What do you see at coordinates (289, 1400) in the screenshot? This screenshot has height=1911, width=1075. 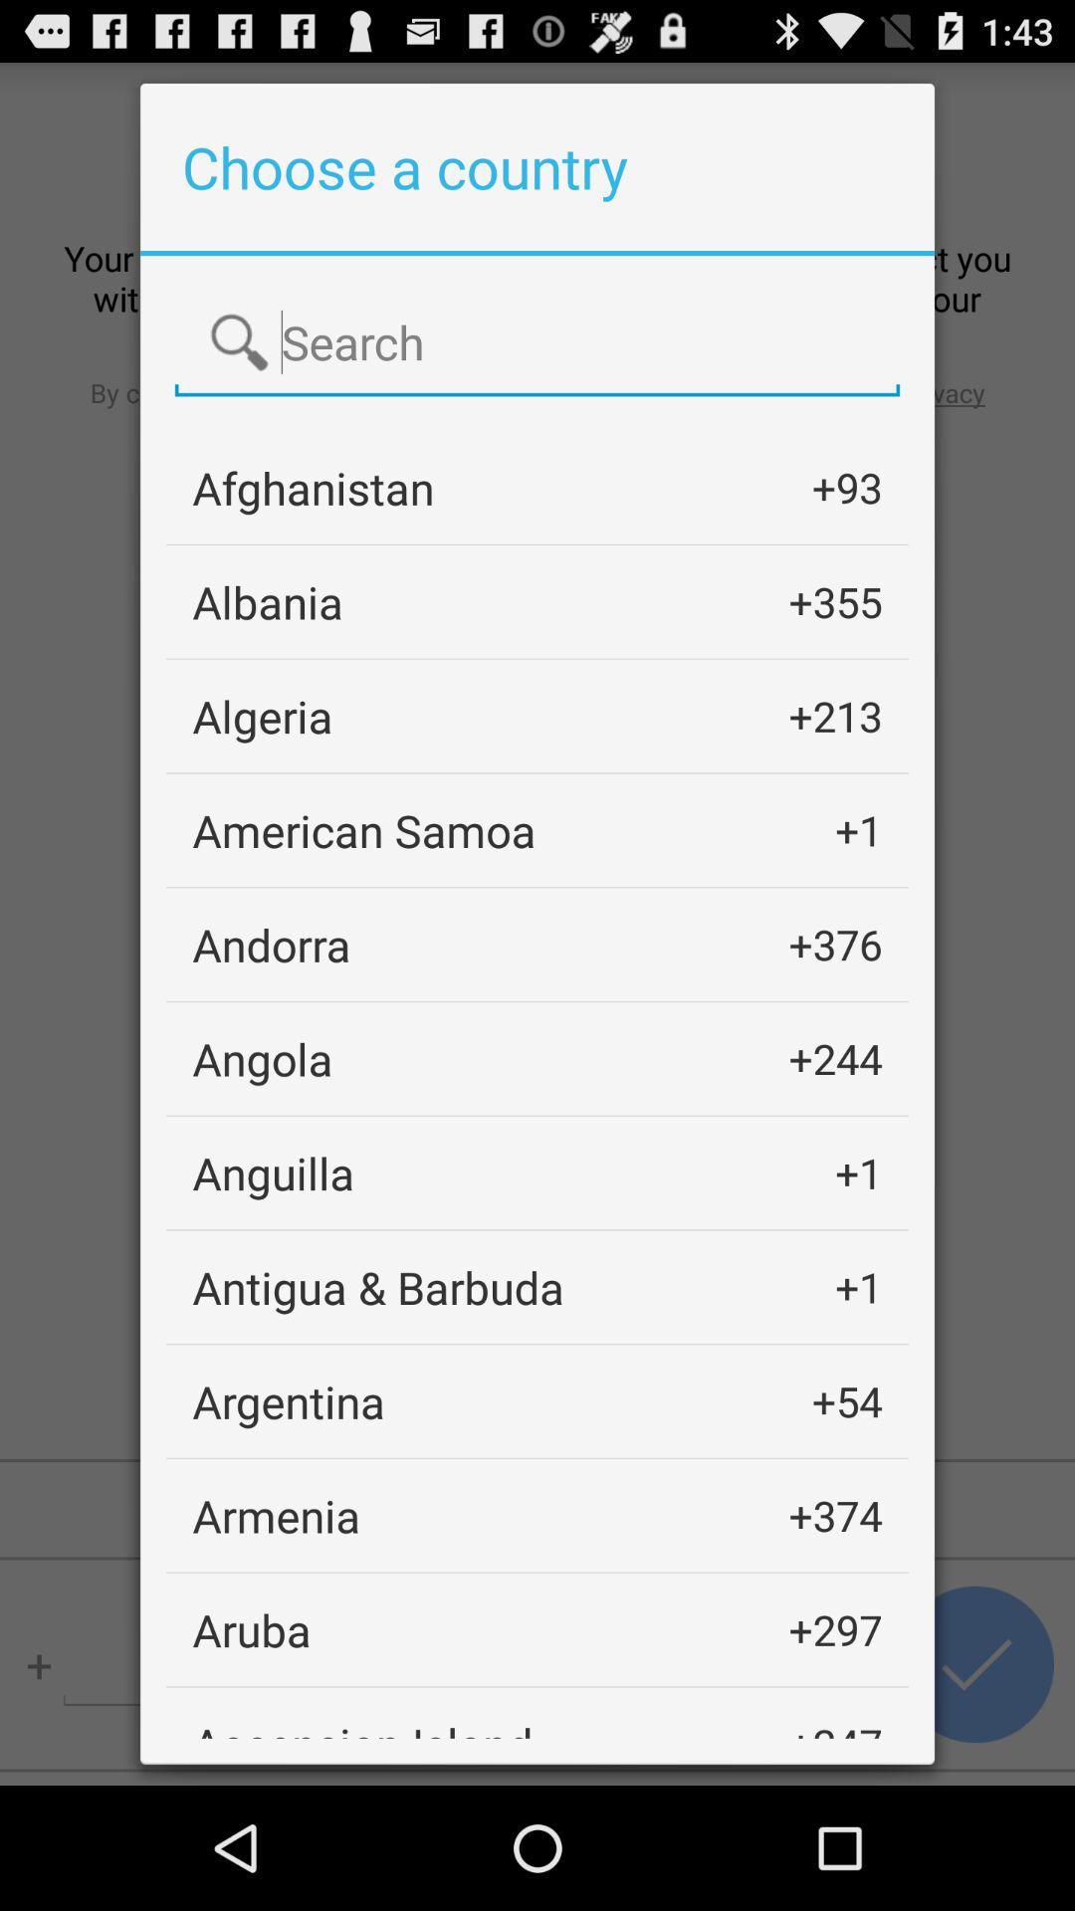 I see `the item next to +54 item` at bounding box center [289, 1400].